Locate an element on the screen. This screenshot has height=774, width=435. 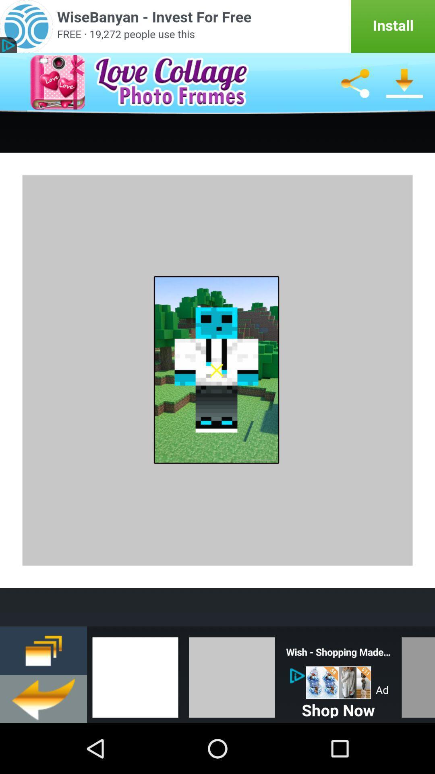
shop now is located at coordinates (338, 708).